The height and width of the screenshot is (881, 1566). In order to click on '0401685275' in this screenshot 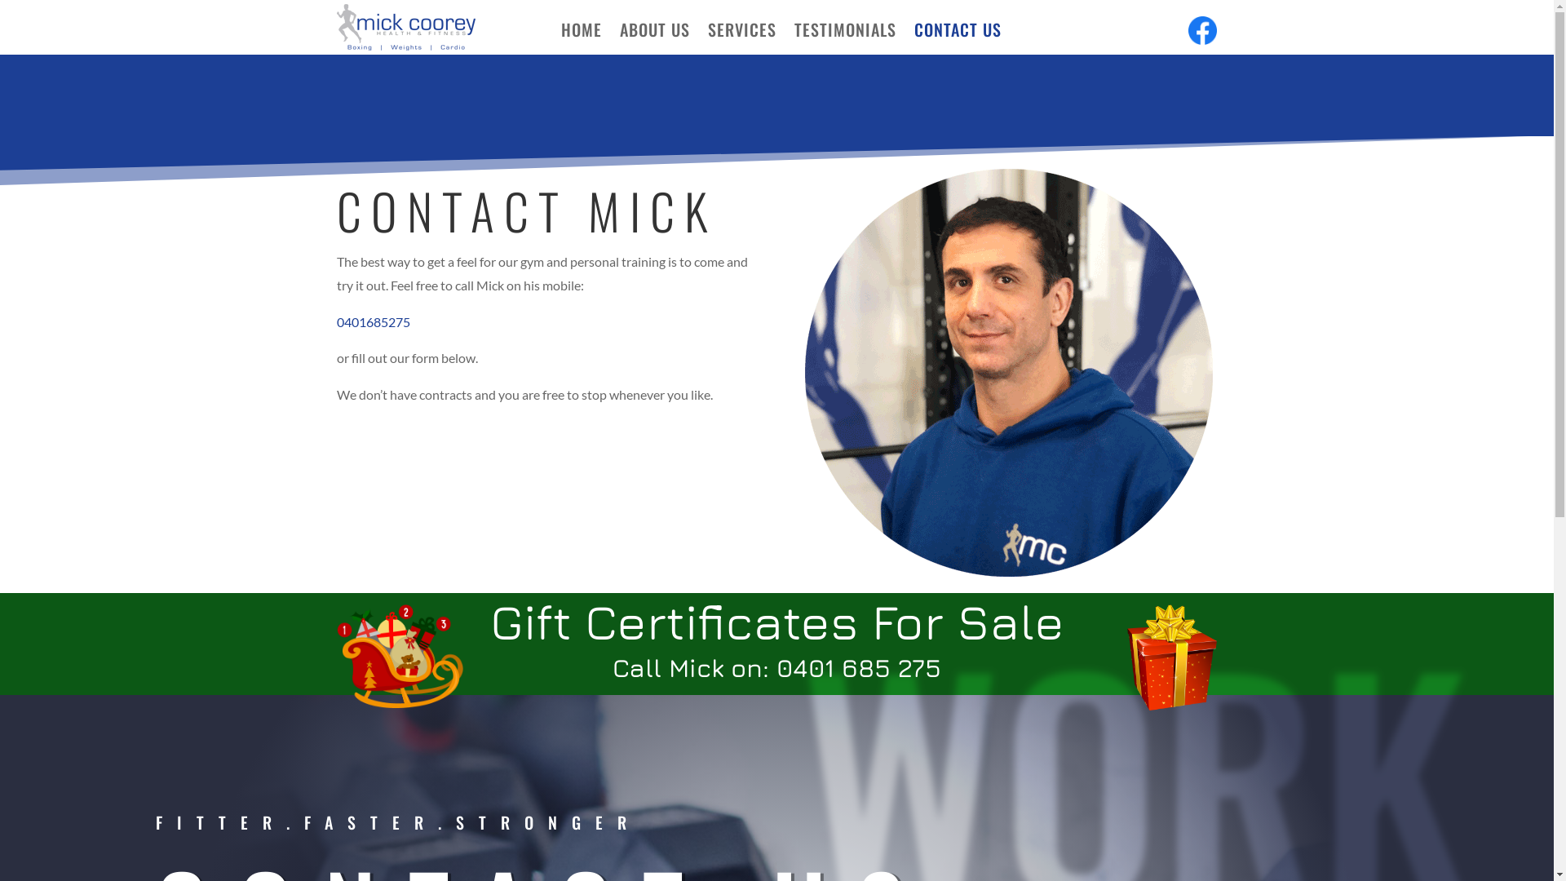, I will do `click(335, 321)`.